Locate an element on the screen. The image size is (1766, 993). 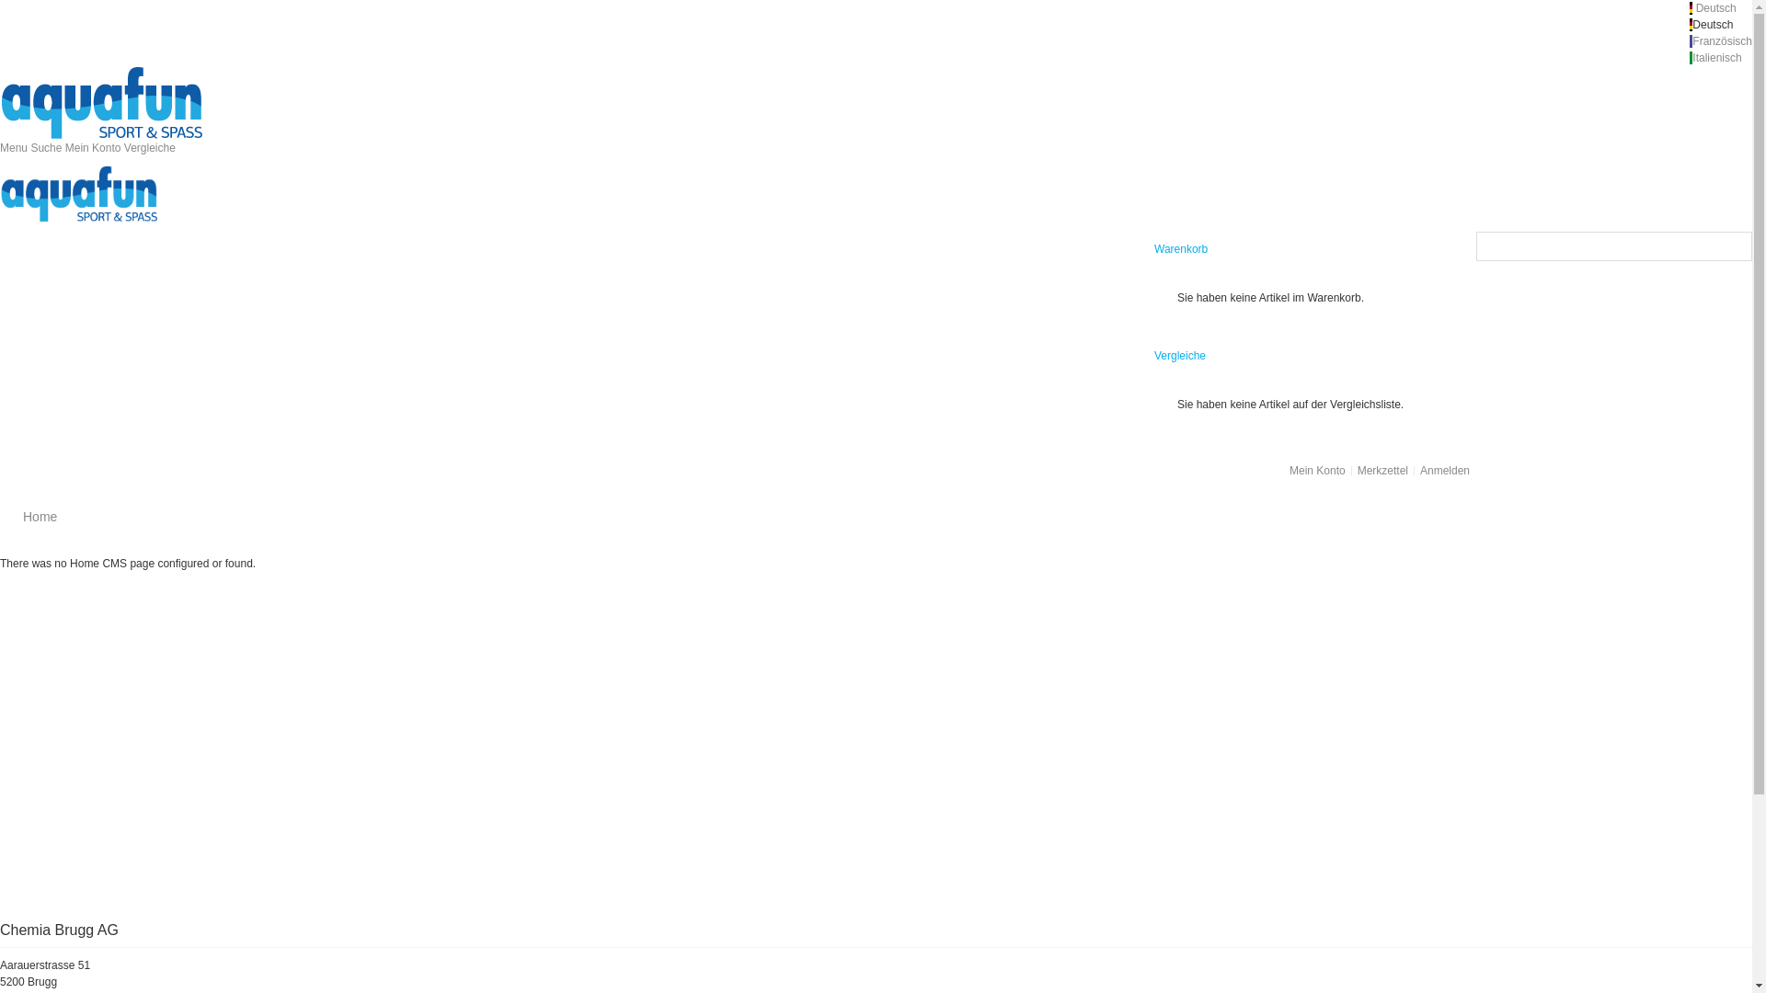
'  Deutsch  ' is located at coordinates (1690, 7).